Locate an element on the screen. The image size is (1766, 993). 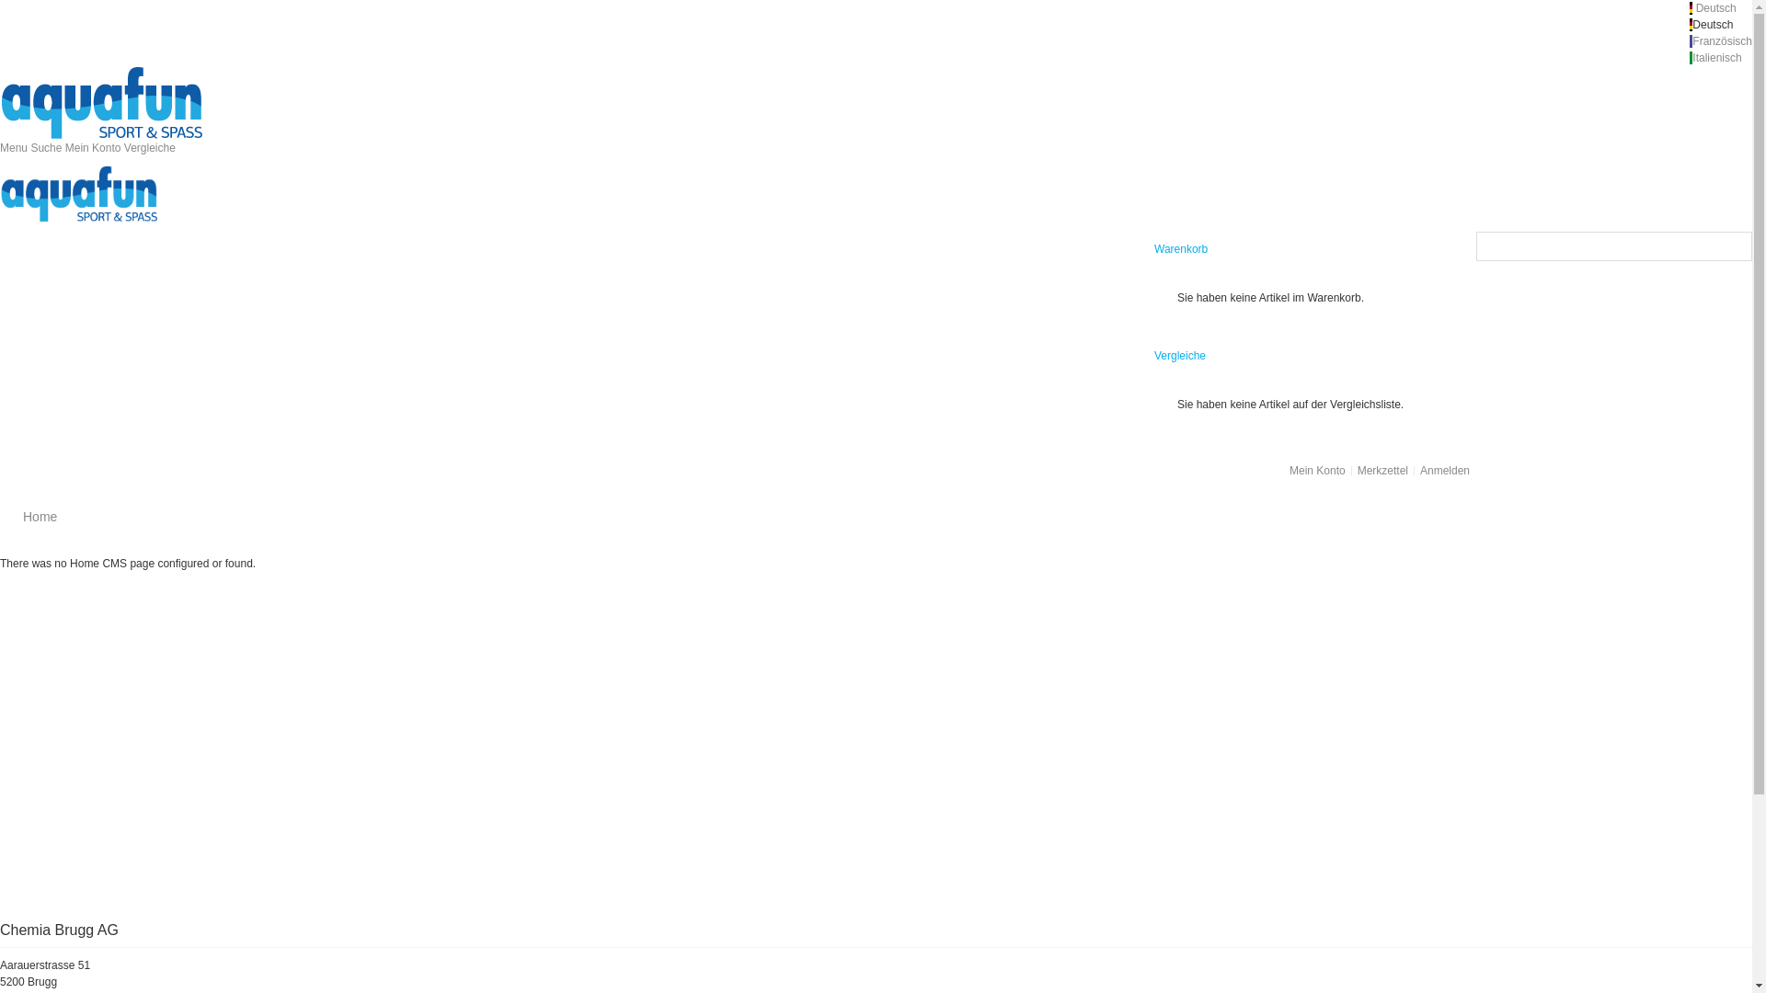
'  Deutsch  ' is located at coordinates (1690, 7).